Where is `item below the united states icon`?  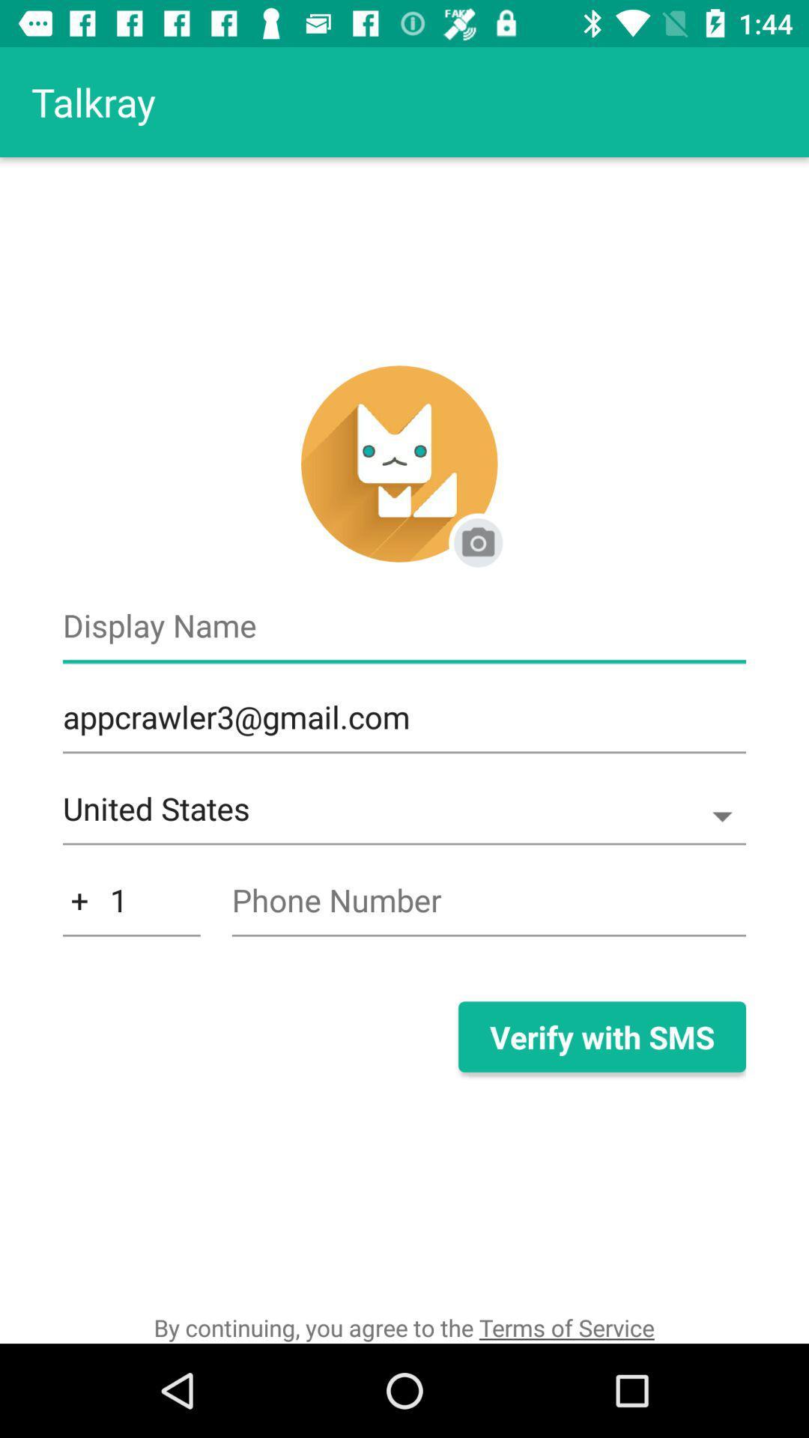 item below the united states icon is located at coordinates (130, 908).